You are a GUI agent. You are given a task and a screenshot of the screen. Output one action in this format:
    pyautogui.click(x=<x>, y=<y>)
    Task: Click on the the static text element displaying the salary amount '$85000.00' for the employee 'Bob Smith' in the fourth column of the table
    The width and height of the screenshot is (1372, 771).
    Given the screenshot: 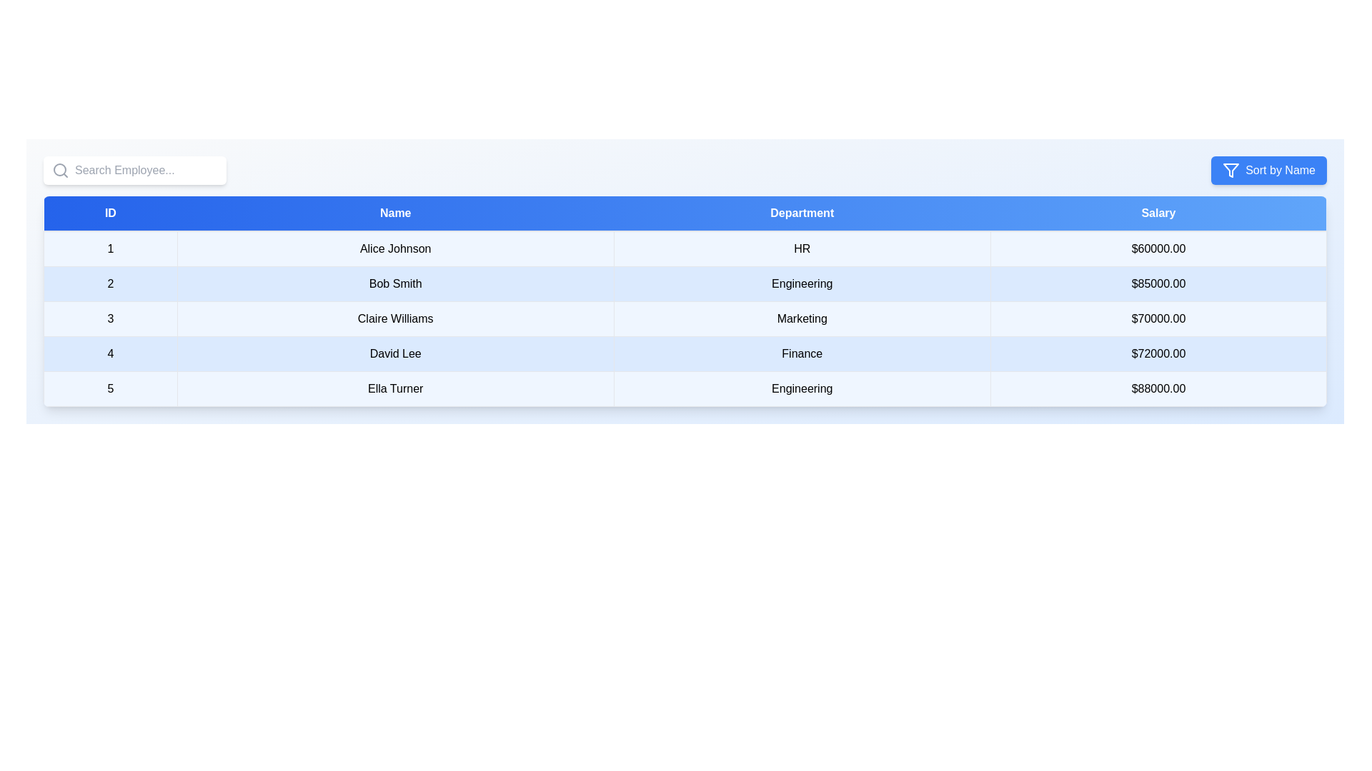 What is the action you would take?
    pyautogui.click(x=1158, y=283)
    